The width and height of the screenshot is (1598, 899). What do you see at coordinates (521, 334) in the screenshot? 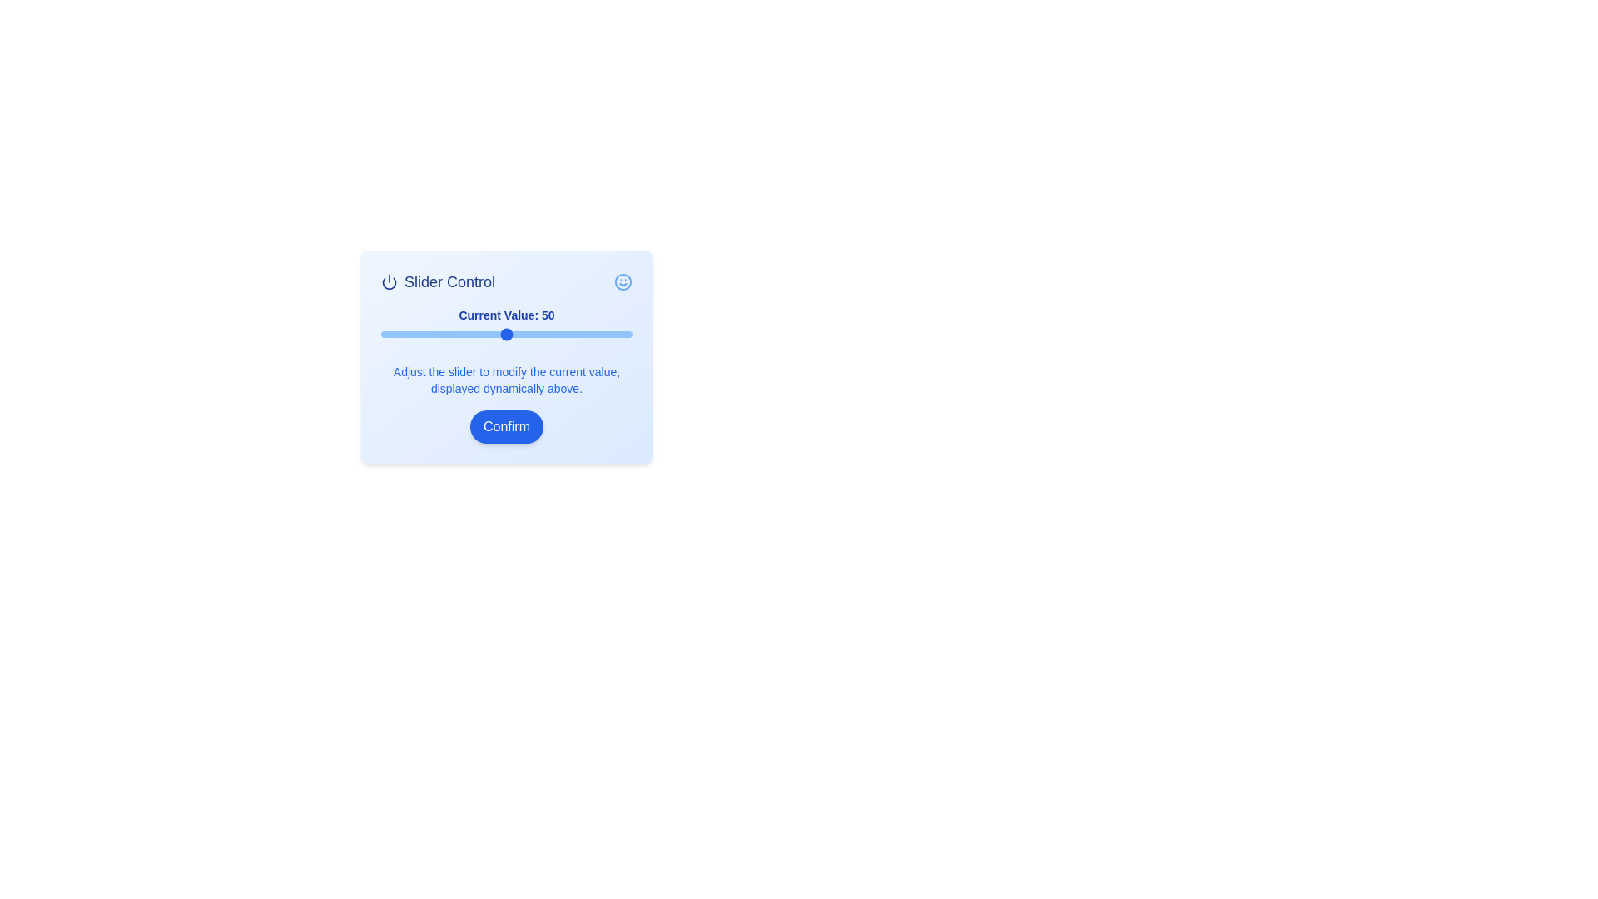
I see `the slider value` at bounding box center [521, 334].